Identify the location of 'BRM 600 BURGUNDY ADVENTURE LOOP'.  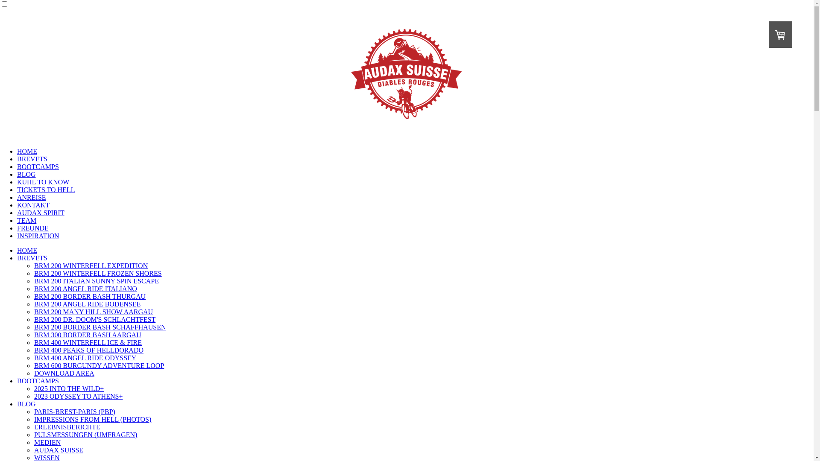
(99, 365).